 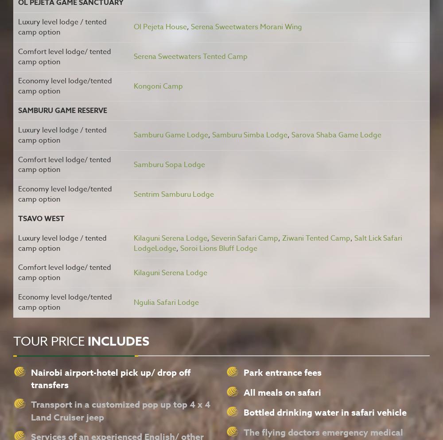 What do you see at coordinates (190, 56) in the screenshot?
I see `'Serena Sweetwaters Tented Camp'` at bounding box center [190, 56].